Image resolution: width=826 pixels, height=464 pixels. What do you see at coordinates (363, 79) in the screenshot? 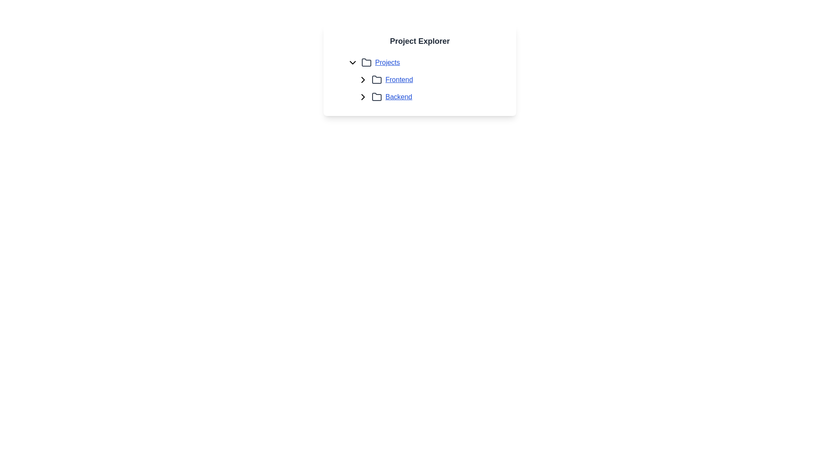
I see `the right-pointing arrow icon` at bounding box center [363, 79].